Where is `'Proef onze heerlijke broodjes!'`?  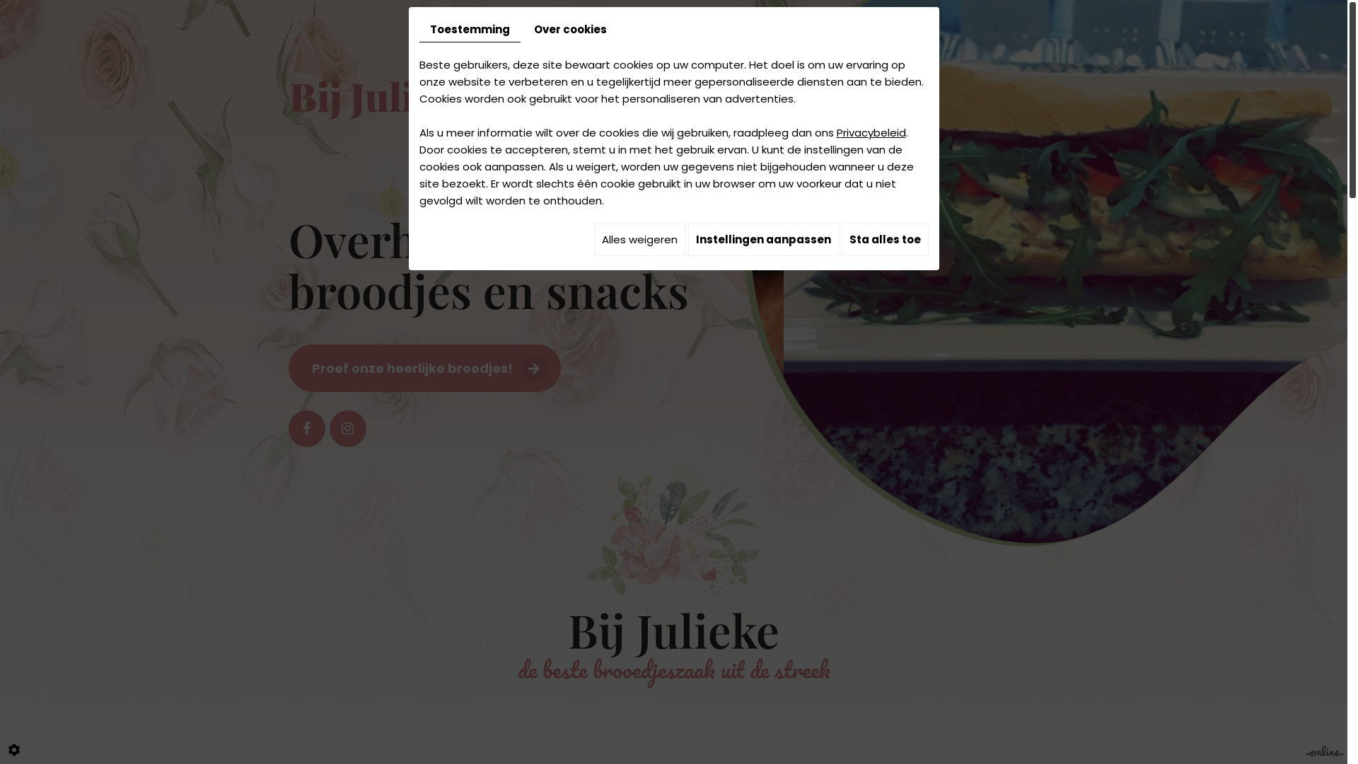
'Proef onze heerlijke broodjes!' is located at coordinates (424, 367).